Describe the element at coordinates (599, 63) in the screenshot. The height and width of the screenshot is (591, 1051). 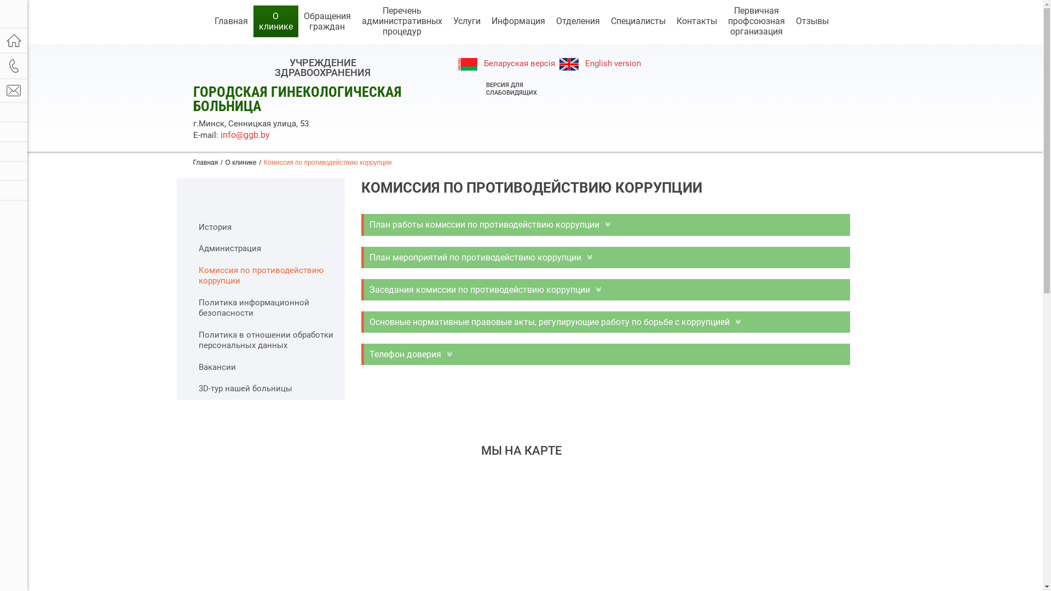
I see `'   English version'` at that location.